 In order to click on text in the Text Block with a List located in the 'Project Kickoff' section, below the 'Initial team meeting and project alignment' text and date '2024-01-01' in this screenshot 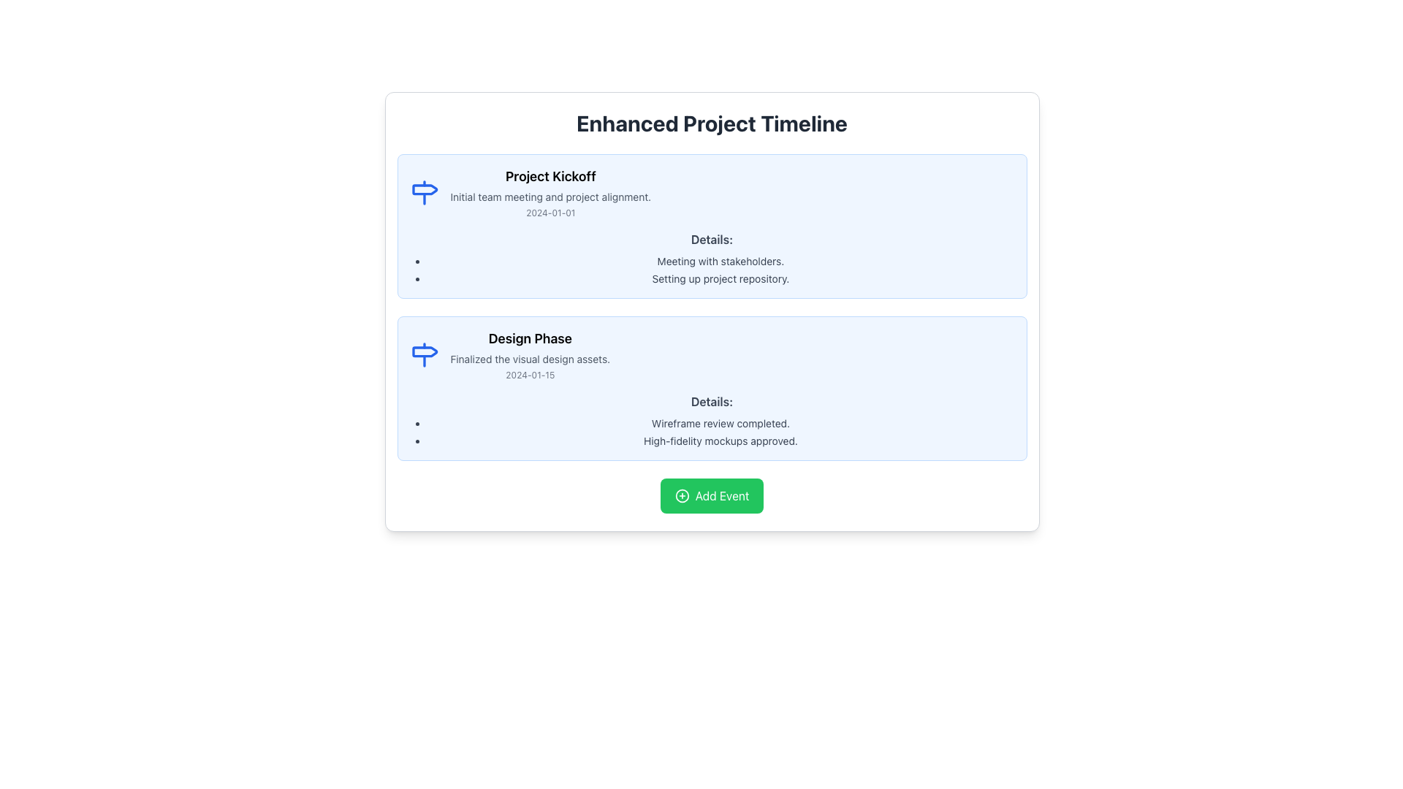, I will do `click(712, 258)`.